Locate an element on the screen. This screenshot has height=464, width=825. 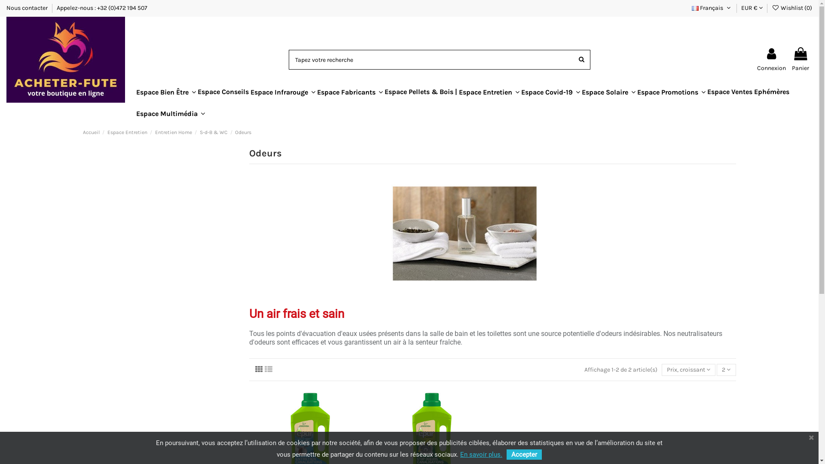
'Espace Infrarouge' is located at coordinates (283, 92).